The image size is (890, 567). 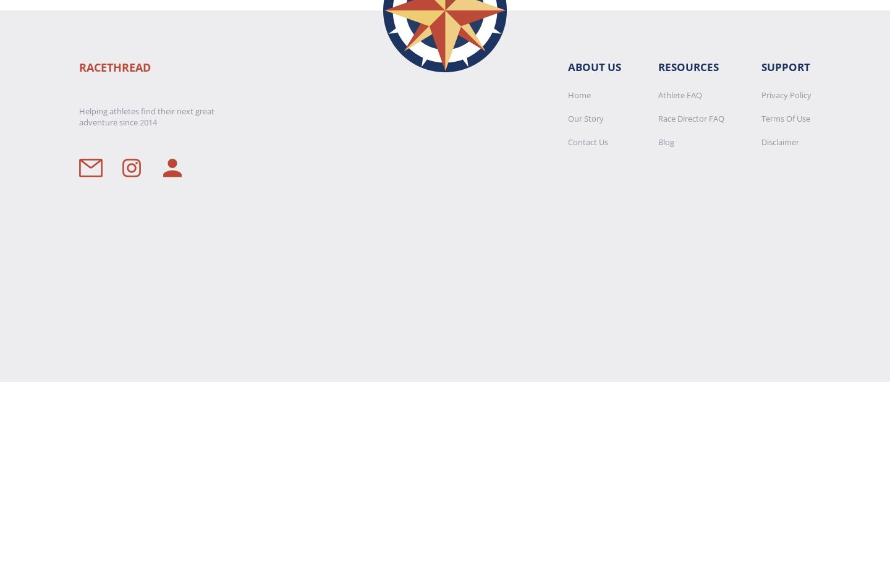 I want to click on 'SUPPORT', so click(x=785, y=66).